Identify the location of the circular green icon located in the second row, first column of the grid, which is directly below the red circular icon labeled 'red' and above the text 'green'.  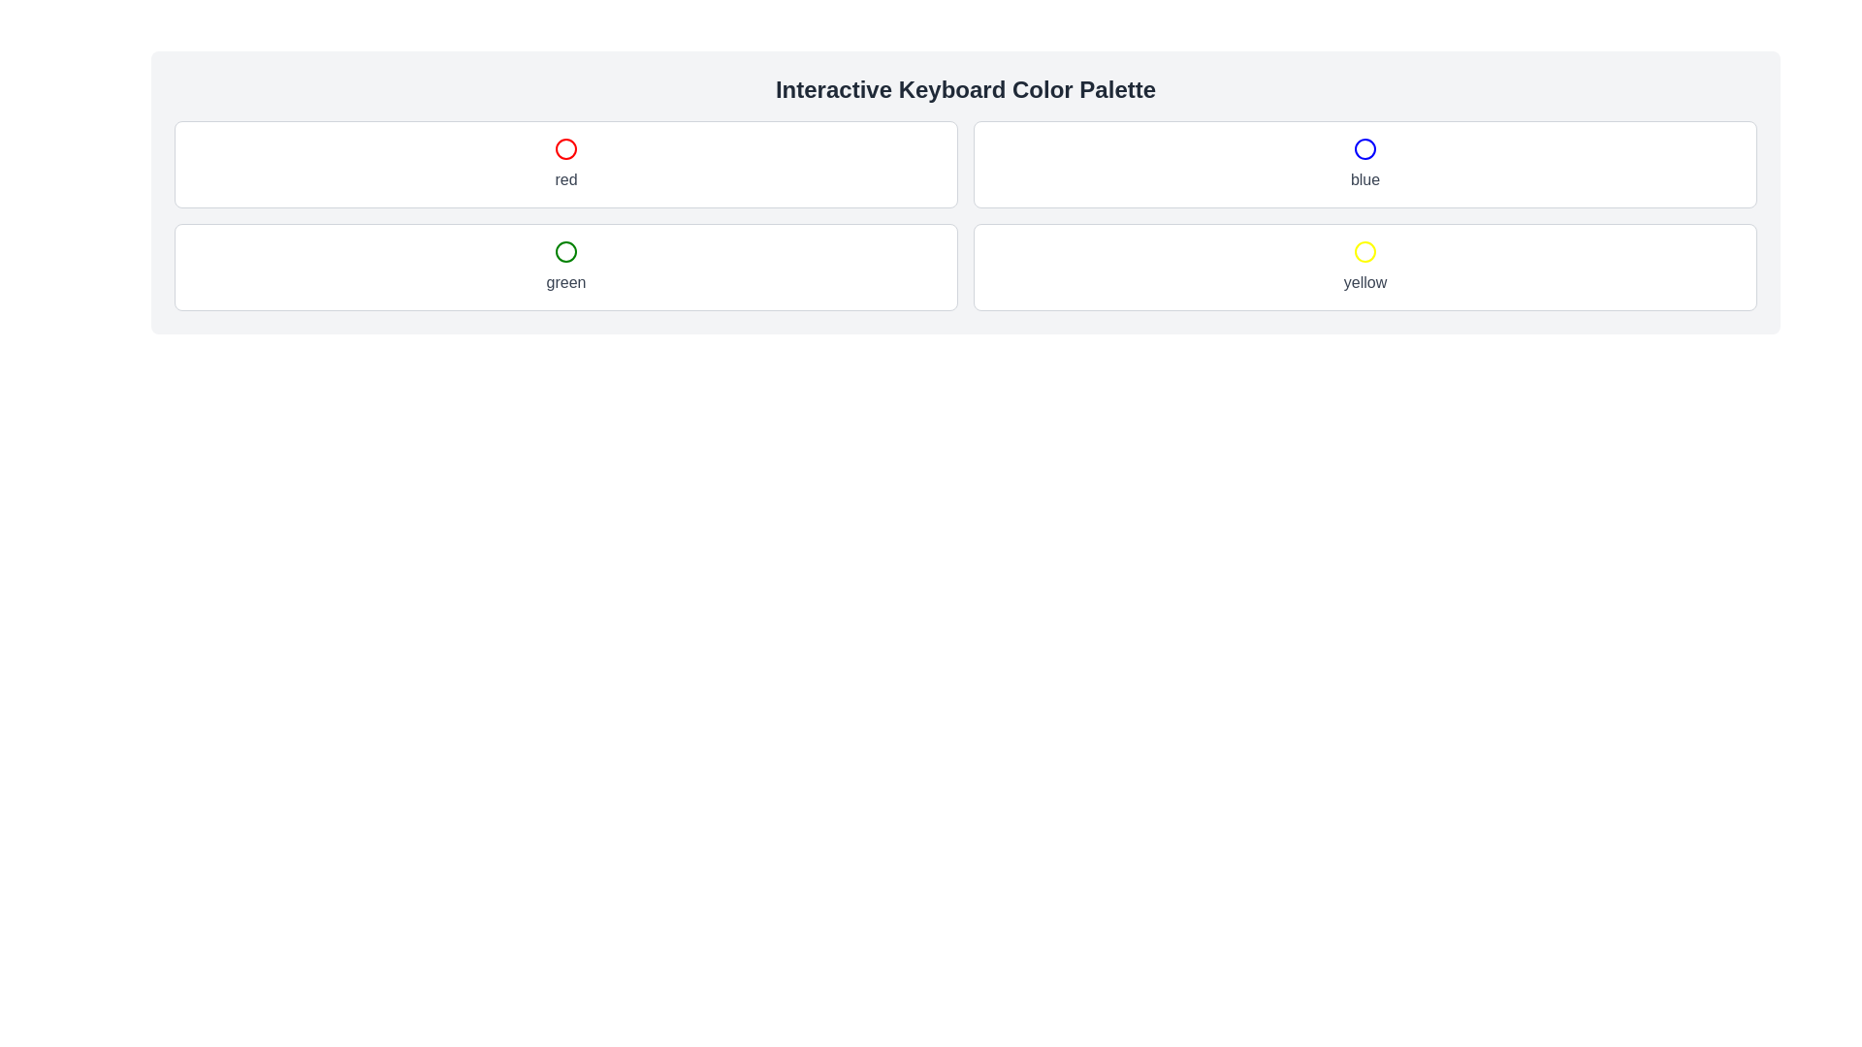
(565, 250).